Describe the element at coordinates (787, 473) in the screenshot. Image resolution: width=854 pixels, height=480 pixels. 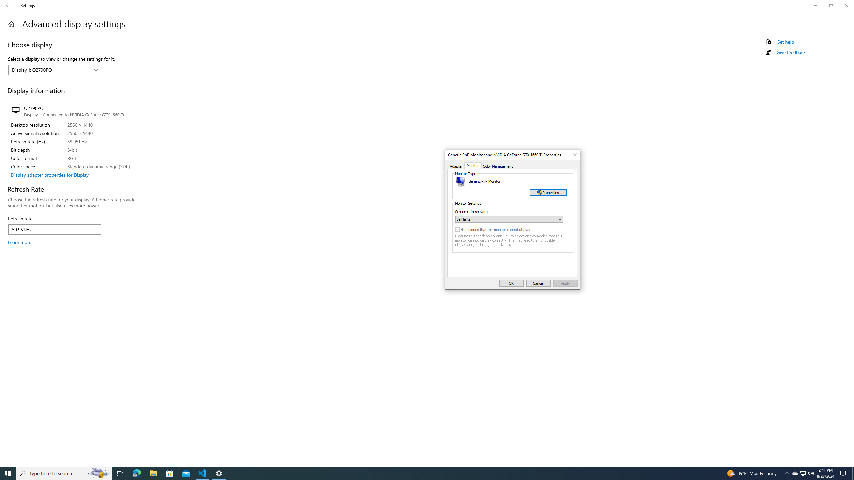
I see `'Notification Chevron'` at that location.